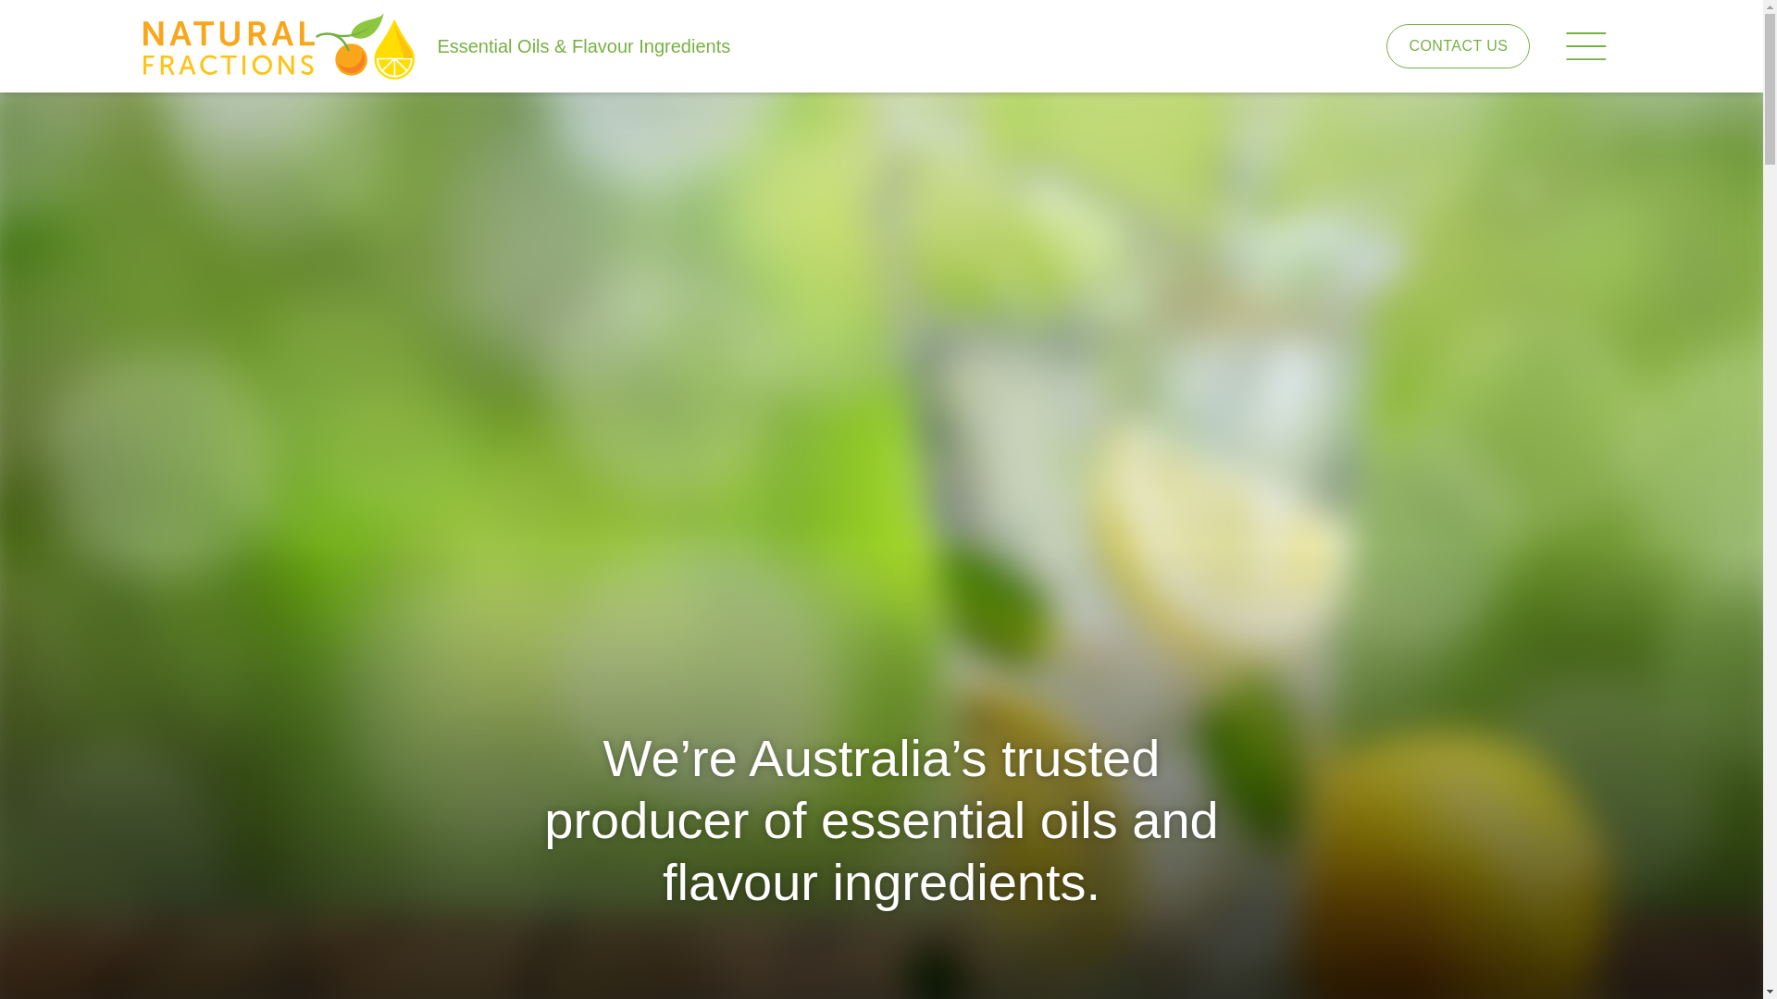  Describe the element at coordinates (1457, 44) in the screenshot. I see `'CONTACT US'` at that location.